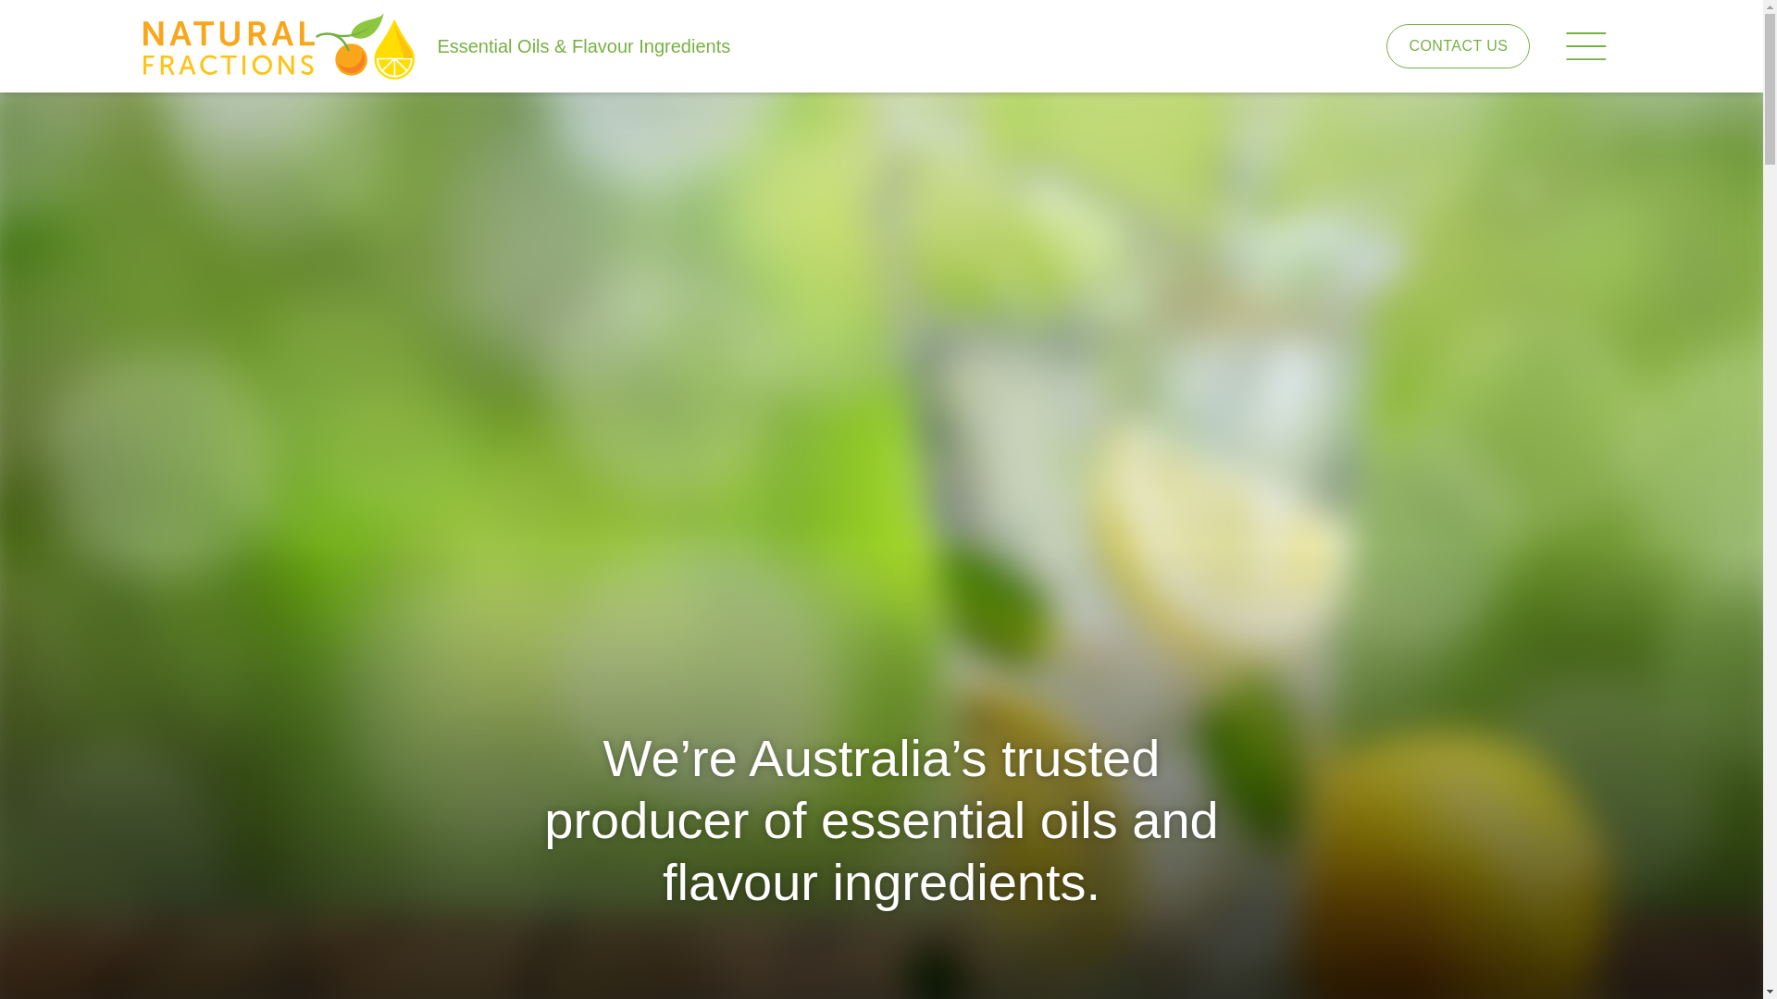  Describe the element at coordinates (1457, 44) in the screenshot. I see `'CONTACT US'` at that location.